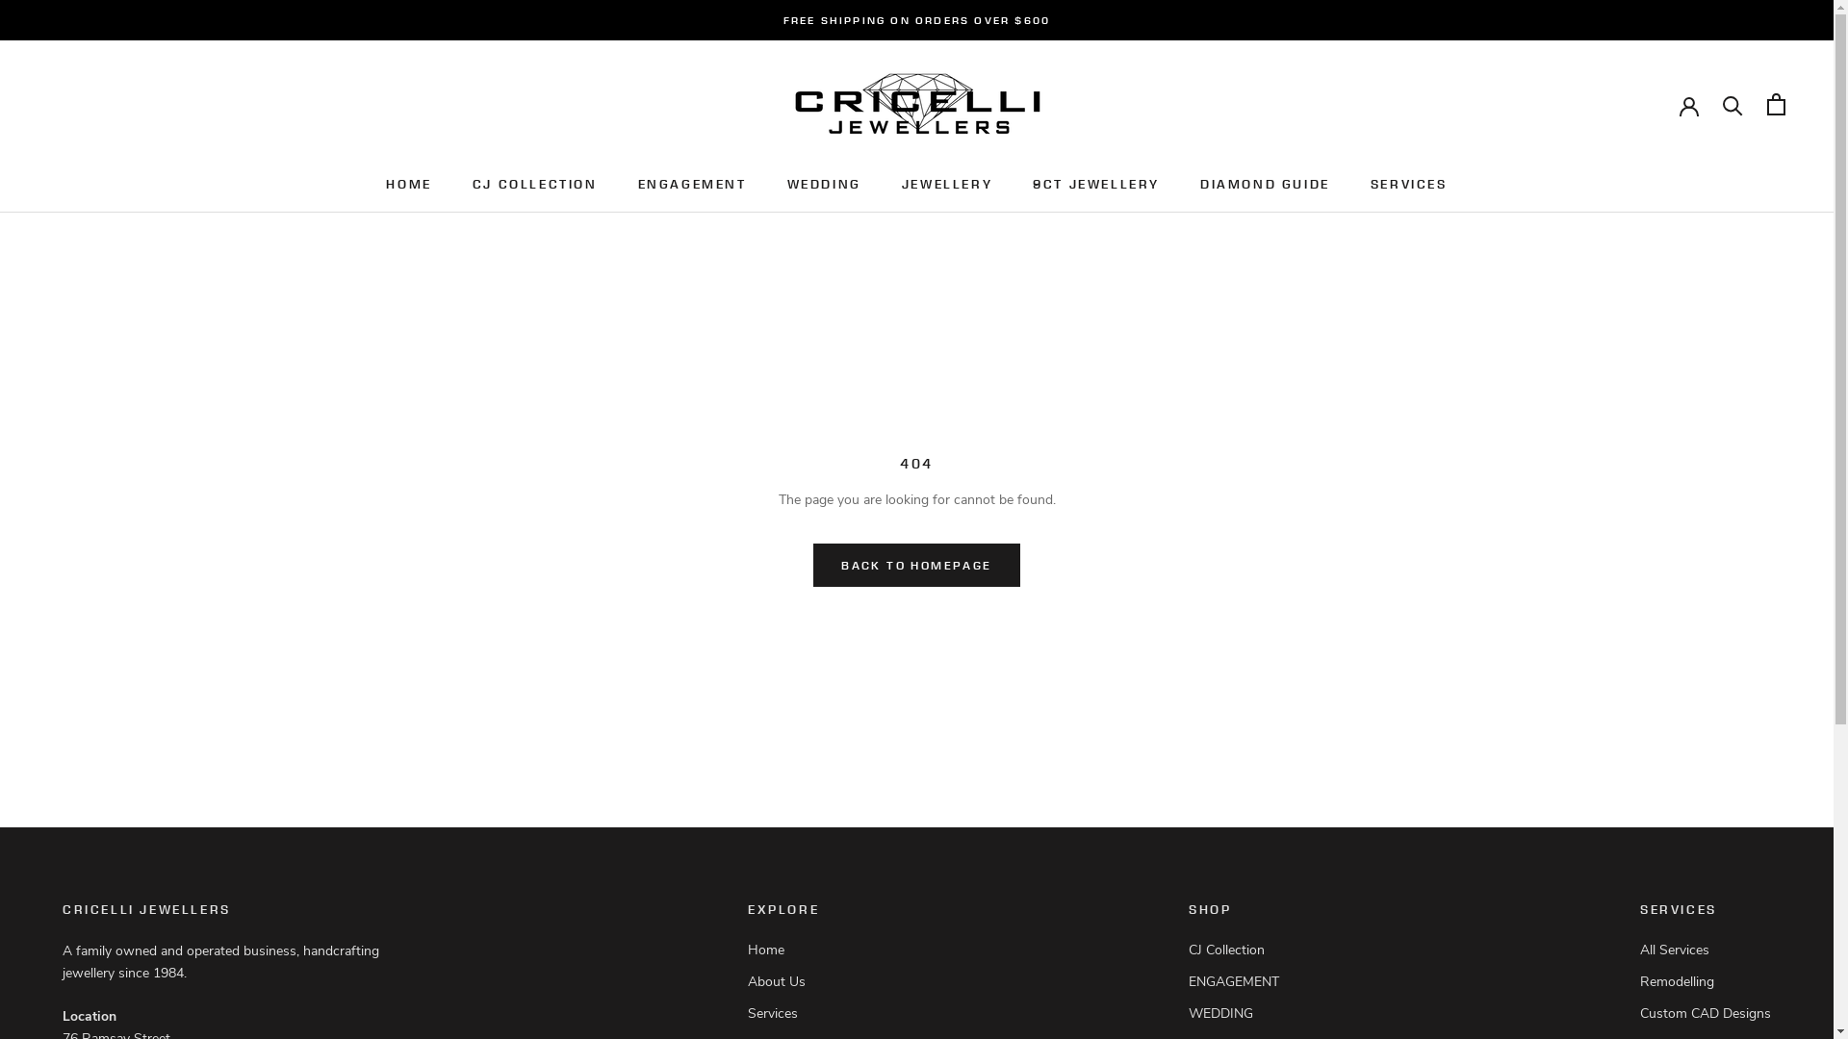  What do you see at coordinates (1240, 1012) in the screenshot?
I see `'WEDDING'` at bounding box center [1240, 1012].